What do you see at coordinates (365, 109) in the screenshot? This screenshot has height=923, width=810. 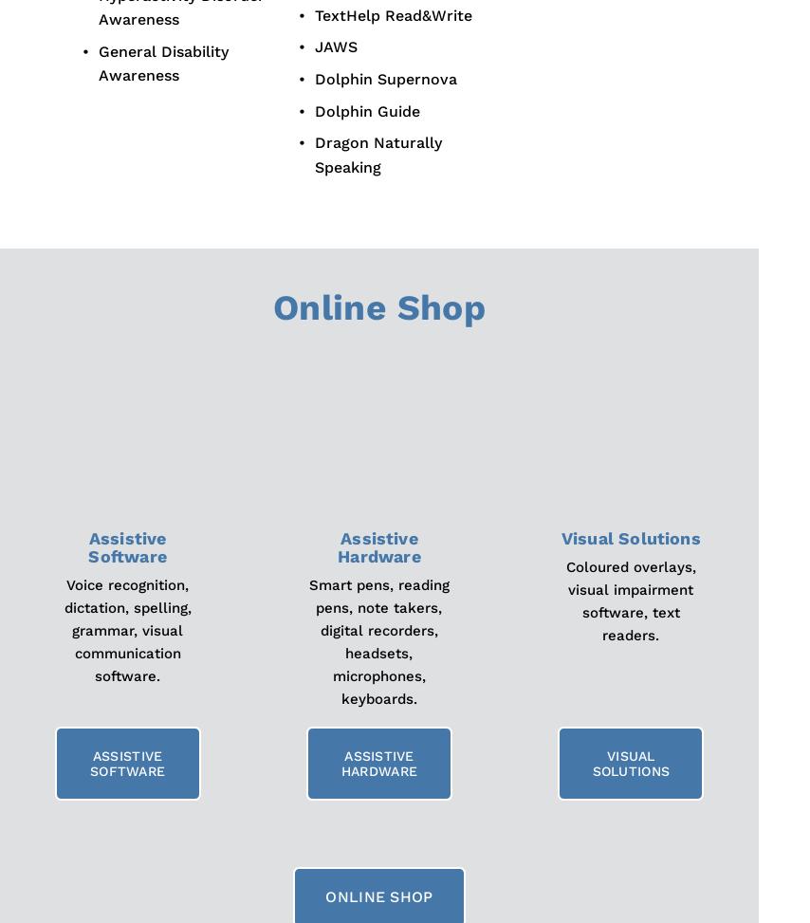 I see `'Dolphin Guide'` at bounding box center [365, 109].